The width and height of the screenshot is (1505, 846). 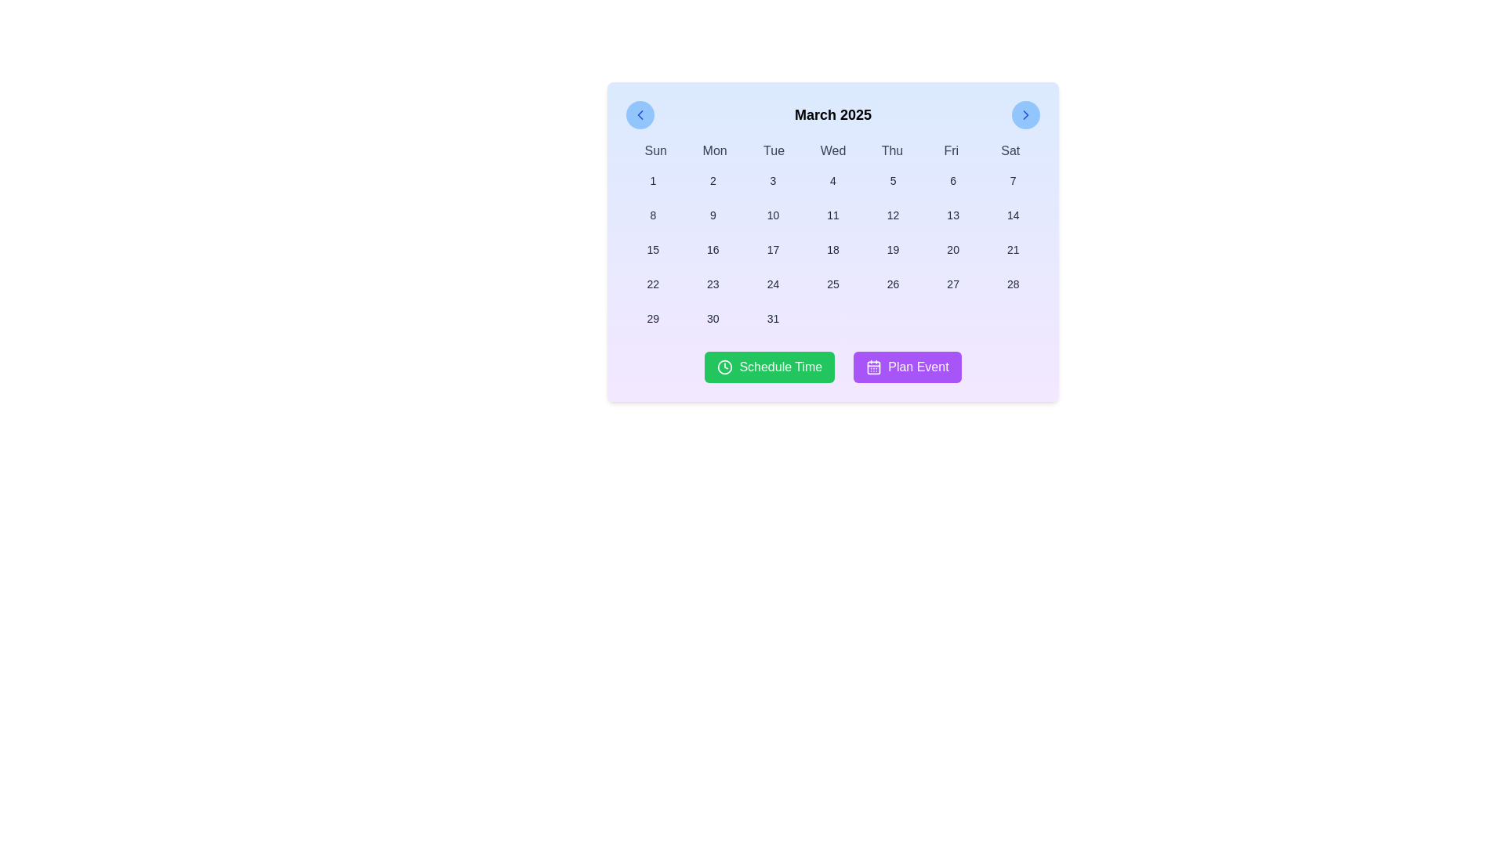 What do you see at coordinates (1026, 114) in the screenshot?
I see `the right navigation button located at the rightmost end of the header section above the calendar` at bounding box center [1026, 114].